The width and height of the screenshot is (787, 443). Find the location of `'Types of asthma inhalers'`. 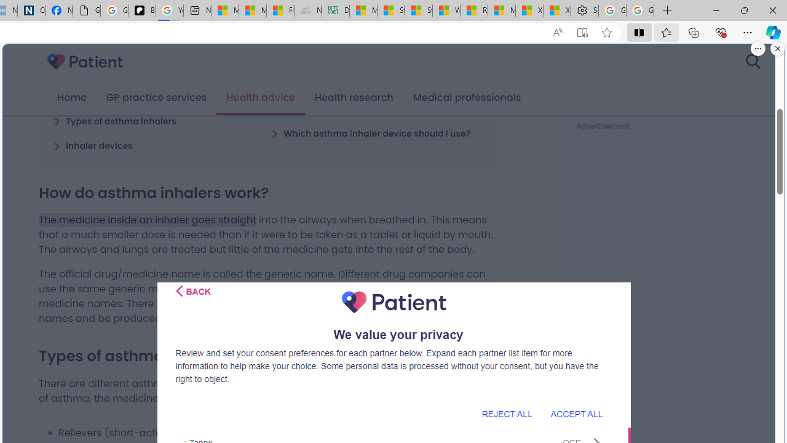

'Types of asthma inhalers' is located at coordinates (114, 121).